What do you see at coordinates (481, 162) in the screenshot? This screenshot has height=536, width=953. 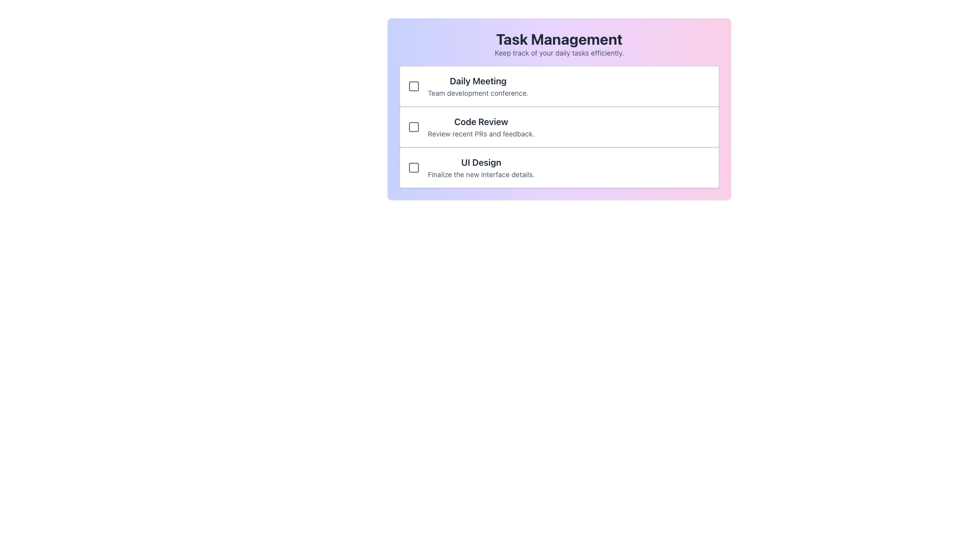 I see `the title text label of the third task entry in the task management list, which is positioned above the description text 'Finalize the new interface details.'` at bounding box center [481, 162].